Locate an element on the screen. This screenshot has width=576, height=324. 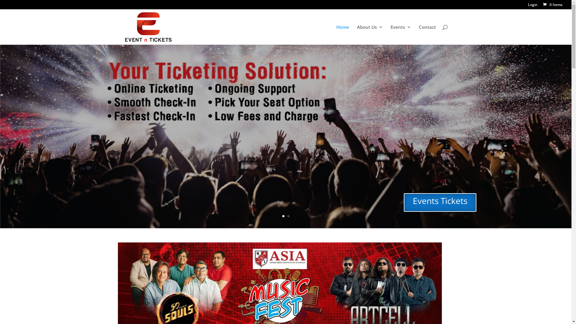
'0 Items' is located at coordinates (542, 4).